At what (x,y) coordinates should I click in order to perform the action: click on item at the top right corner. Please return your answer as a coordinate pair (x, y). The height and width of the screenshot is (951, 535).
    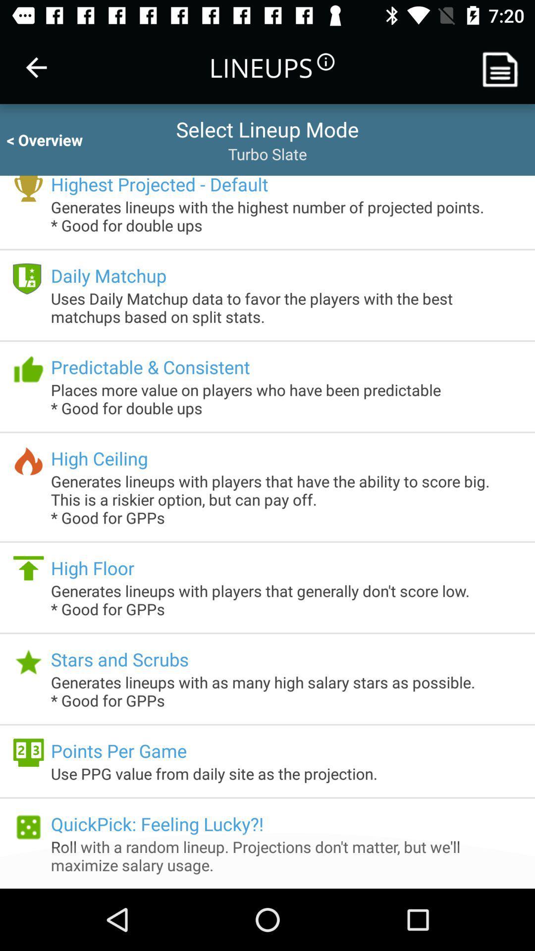
    Looking at the image, I should click on (504, 67).